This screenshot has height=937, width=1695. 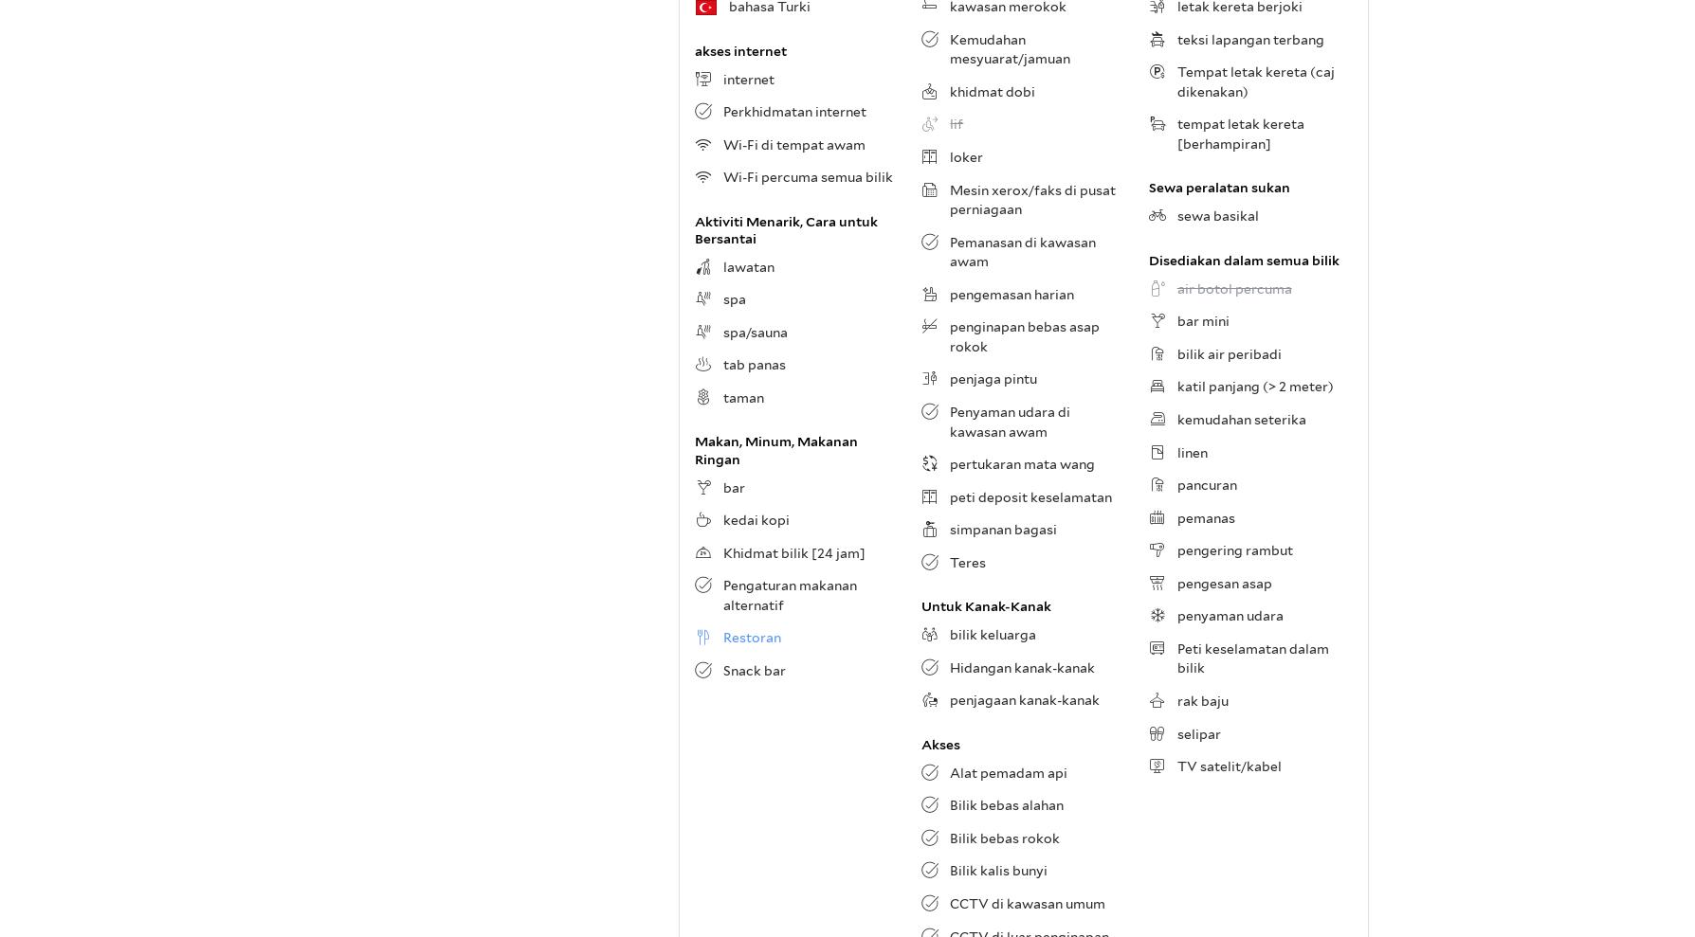 What do you see at coordinates (1010, 724) in the screenshot?
I see `'Menurut tetamu yang telah menginap di sini, keselesaan bilik di hotel dinilai lebih tinggi berbanding 97% penginapan lain di İstanbul.'` at bounding box center [1010, 724].